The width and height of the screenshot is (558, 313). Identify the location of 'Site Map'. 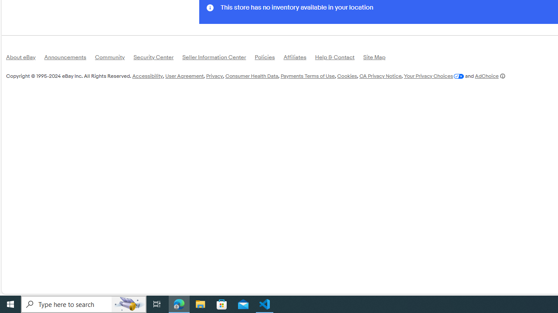
(379, 59).